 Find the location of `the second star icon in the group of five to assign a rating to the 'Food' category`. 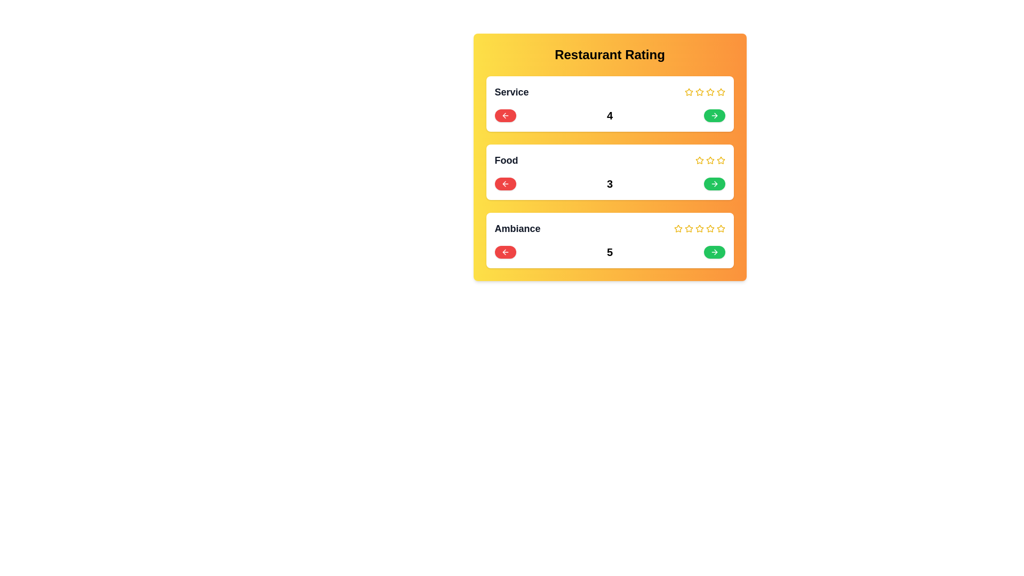

the second star icon in the group of five to assign a rating to the 'Food' category is located at coordinates (710, 160).